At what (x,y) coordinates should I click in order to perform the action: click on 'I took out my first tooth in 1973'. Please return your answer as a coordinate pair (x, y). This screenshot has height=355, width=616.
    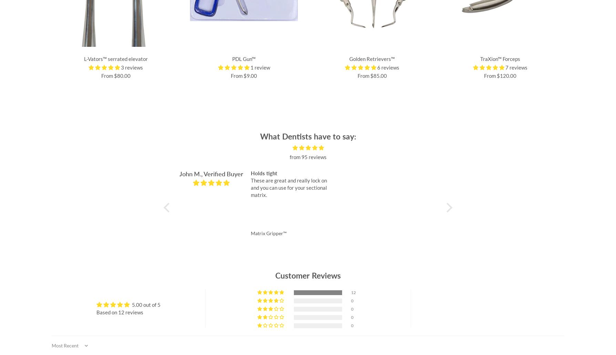
    Looking at the image, I should click on (557, 173).